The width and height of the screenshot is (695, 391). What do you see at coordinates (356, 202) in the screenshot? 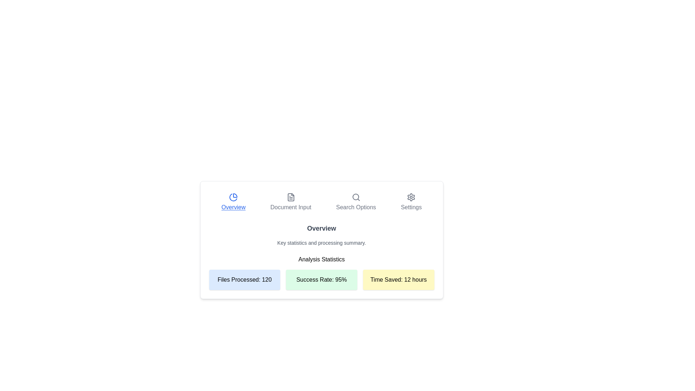
I see `the 'Search Options' button in the navigation bar` at bounding box center [356, 202].